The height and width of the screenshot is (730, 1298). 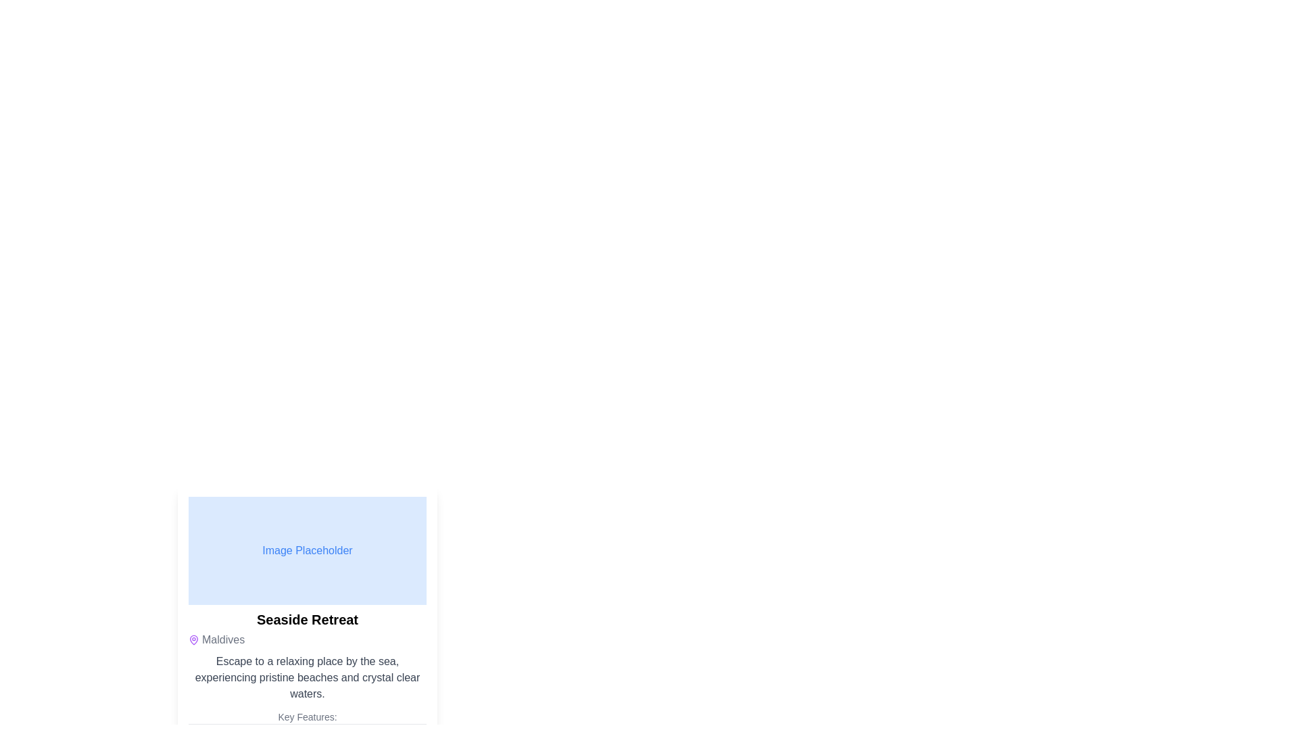 I want to click on the small map pin icon with a purple outline located next to the text 'Maldives', so click(x=193, y=639).